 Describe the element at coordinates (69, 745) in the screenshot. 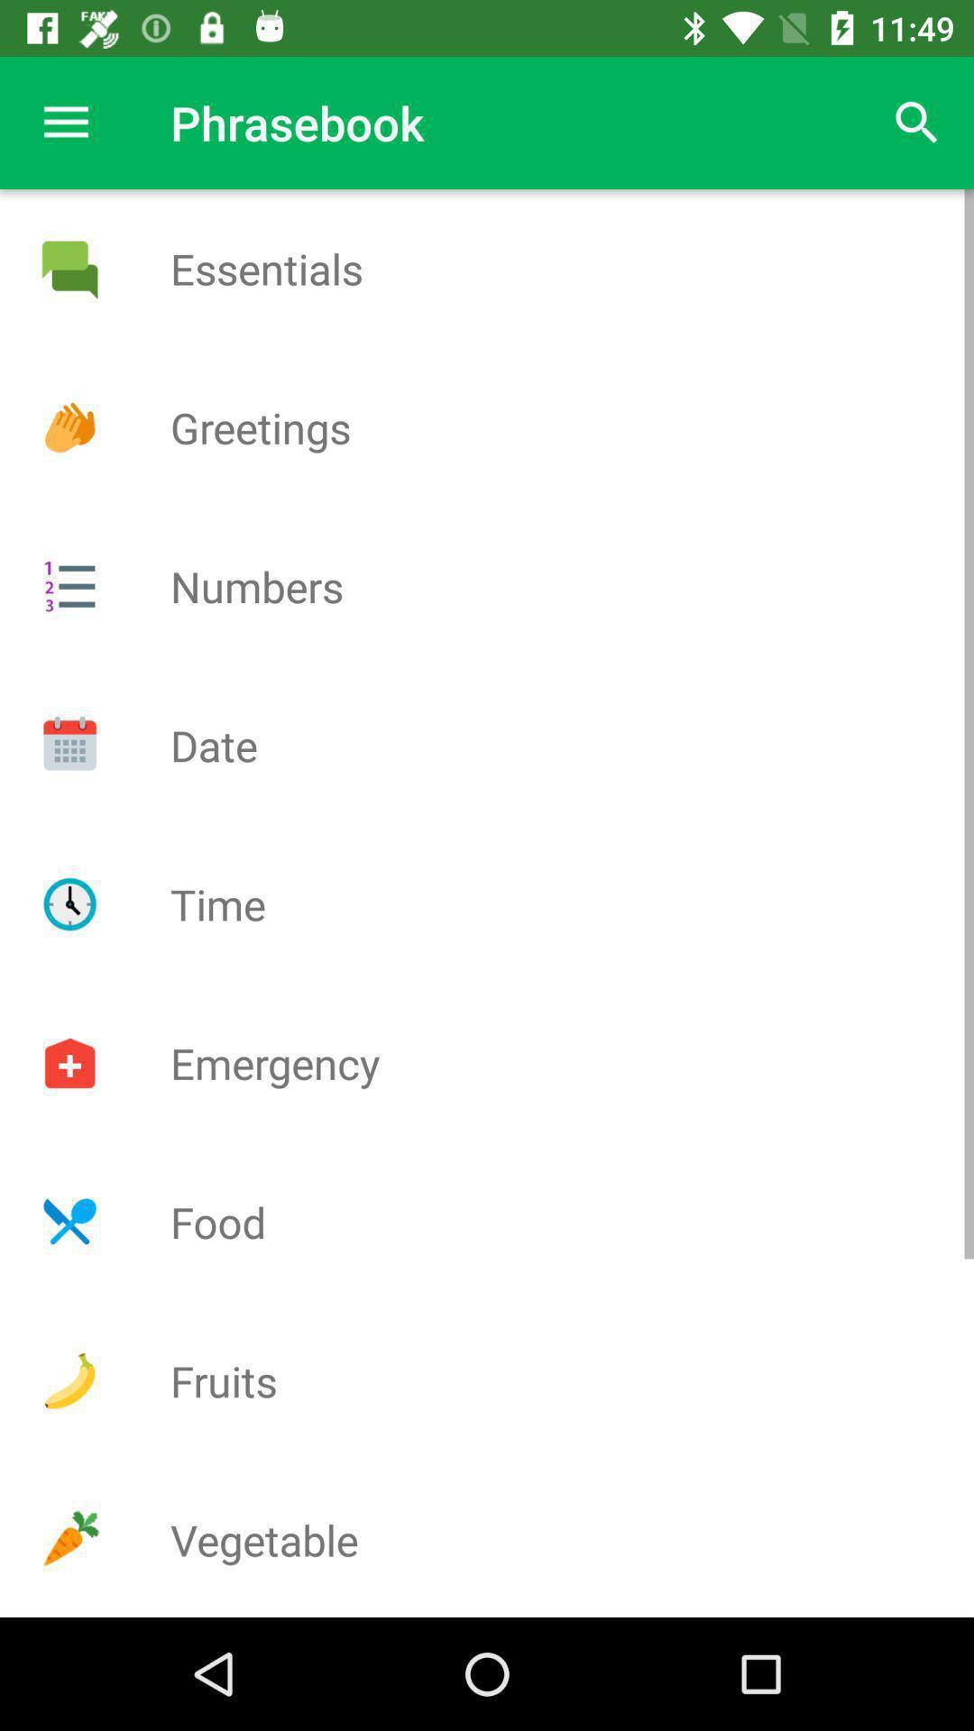

I see `date page` at that location.